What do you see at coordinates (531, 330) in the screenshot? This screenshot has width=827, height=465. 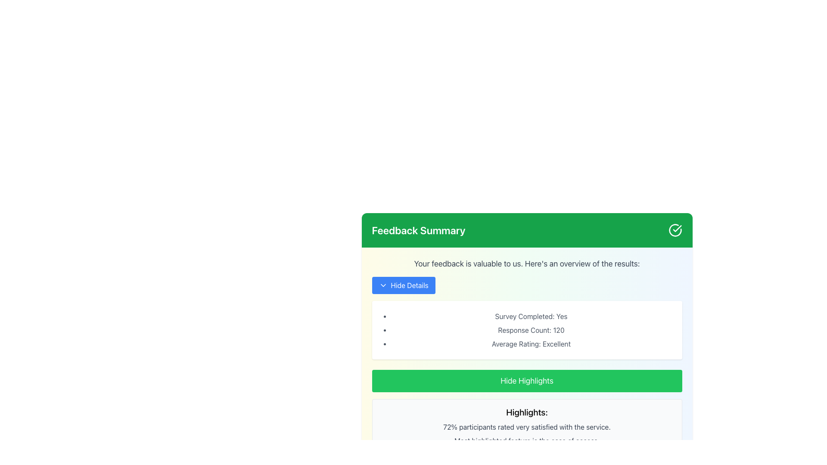 I see `the text label displaying 'Response Count: 120' in the Feedback Summary section, which is the second item in a bulleted list` at bounding box center [531, 330].